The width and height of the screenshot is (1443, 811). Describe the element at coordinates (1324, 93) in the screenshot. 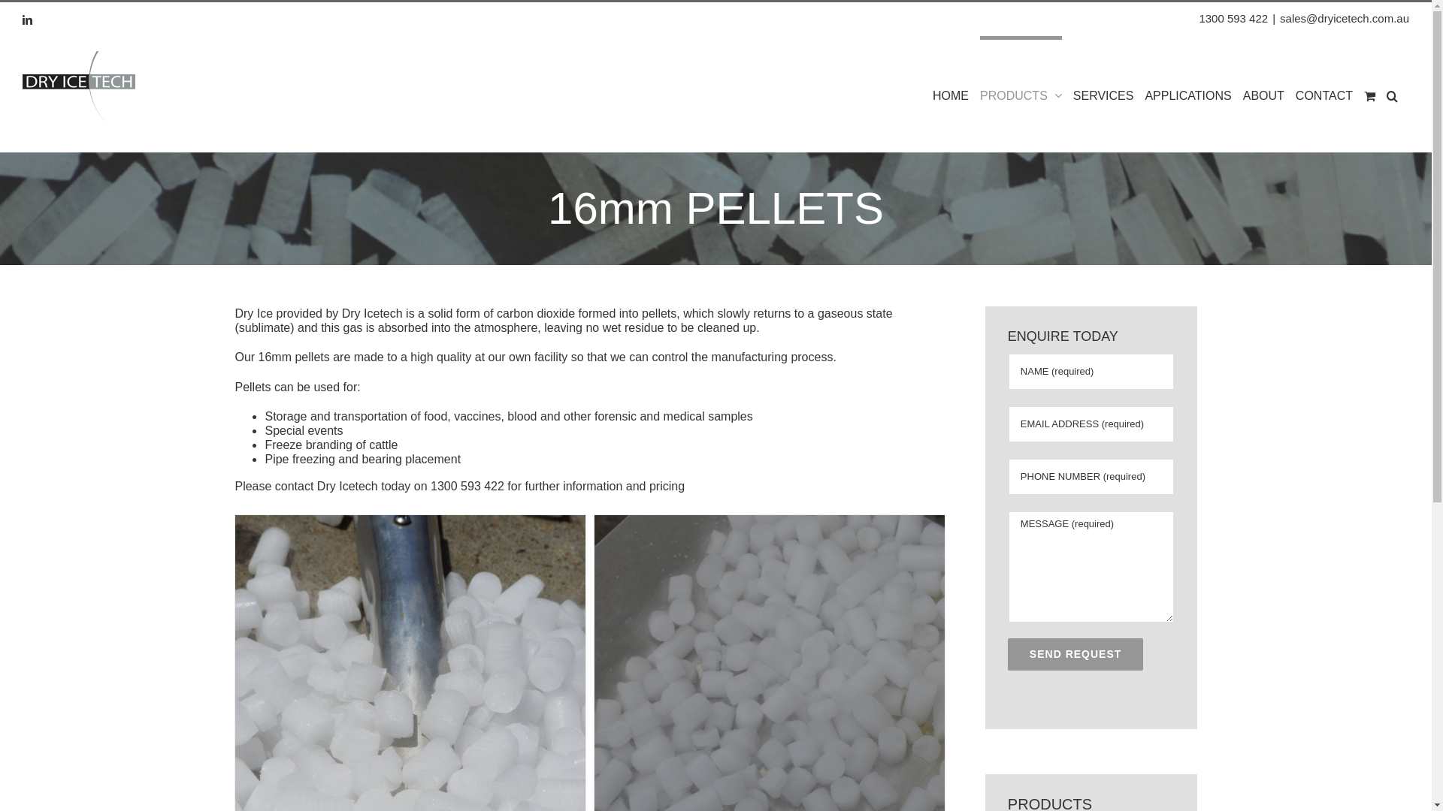

I see `'CONTACT'` at that location.